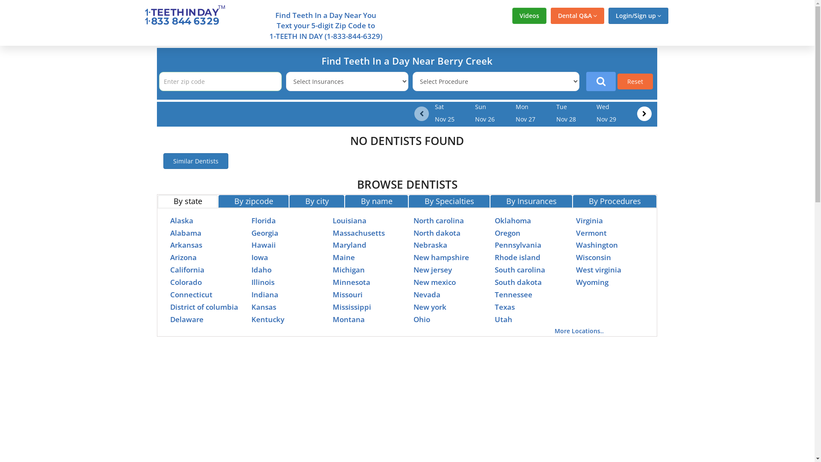 The height and width of the screenshot is (462, 821). What do you see at coordinates (267, 319) in the screenshot?
I see `'Kentucky'` at bounding box center [267, 319].